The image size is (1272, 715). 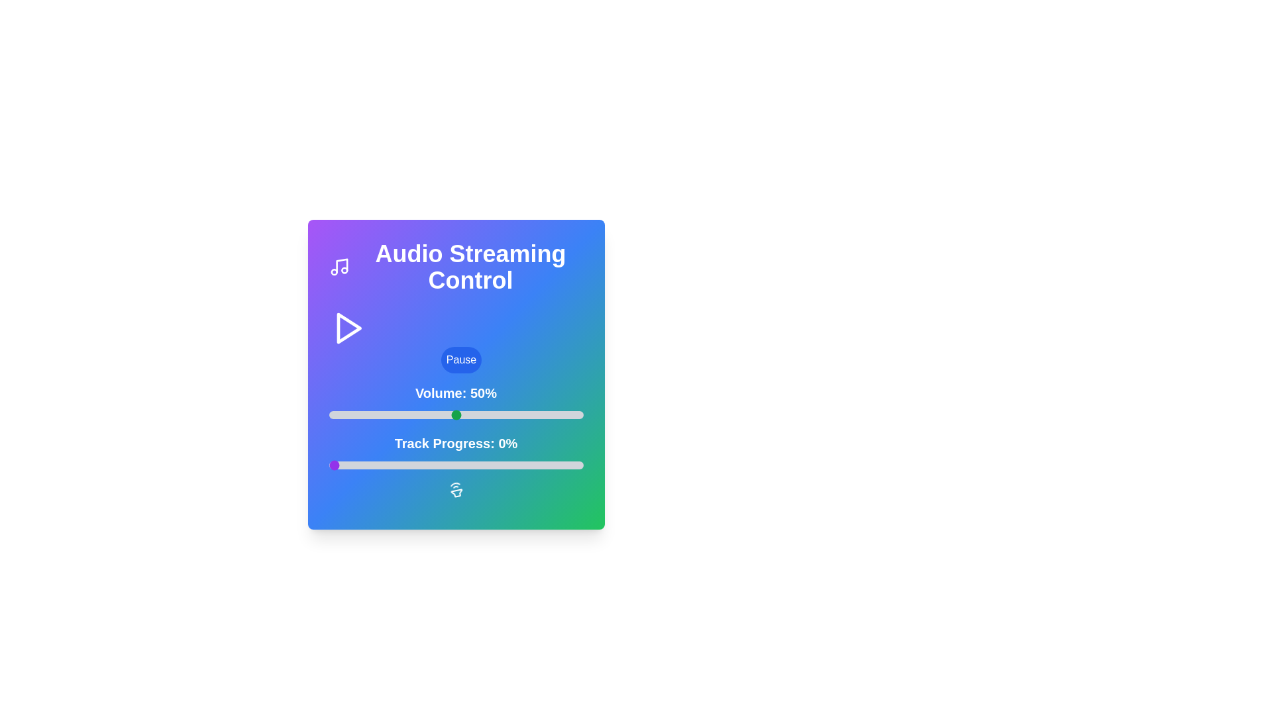 What do you see at coordinates (337, 414) in the screenshot?
I see `the volume slider to 3%` at bounding box center [337, 414].